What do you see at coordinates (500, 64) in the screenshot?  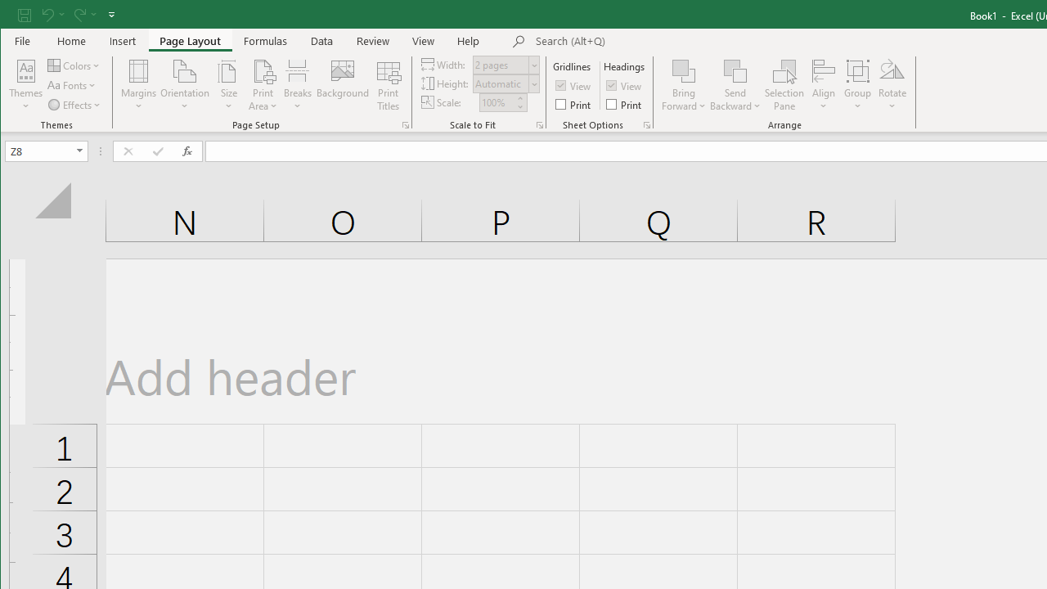 I see `'Width'` at bounding box center [500, 64].